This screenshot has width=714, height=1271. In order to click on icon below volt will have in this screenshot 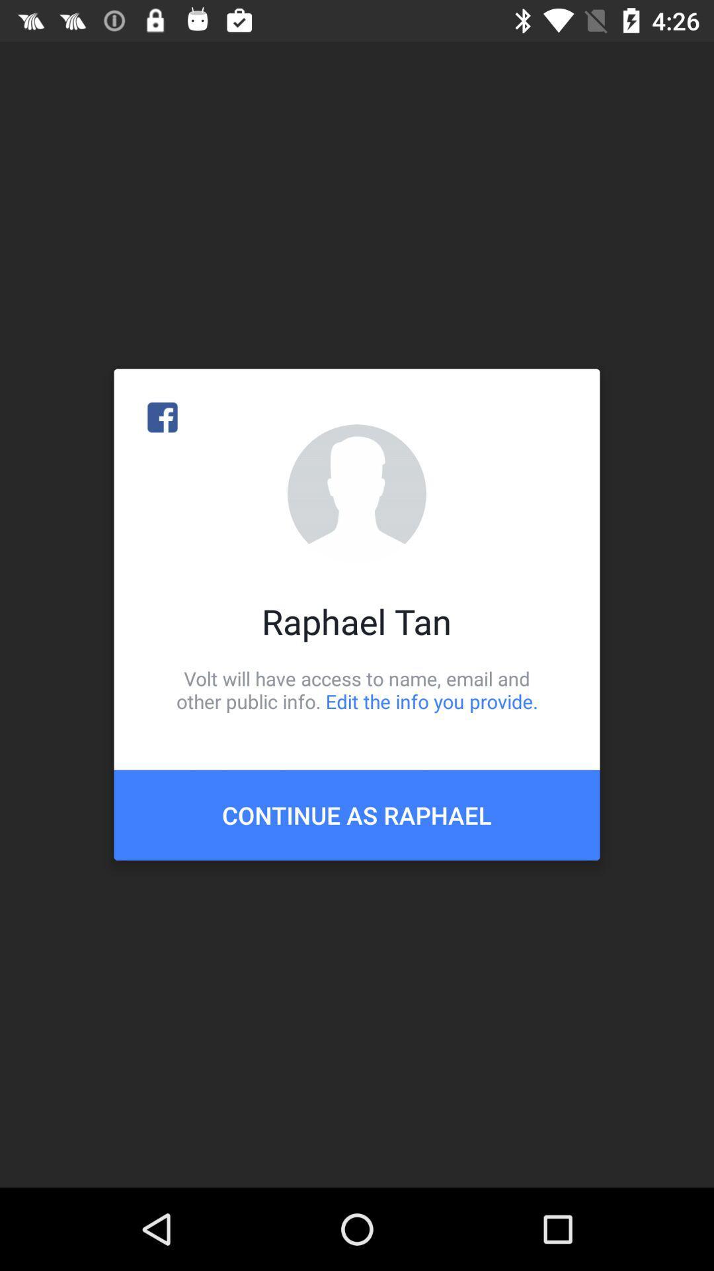, I will do `click(357, 814)`.